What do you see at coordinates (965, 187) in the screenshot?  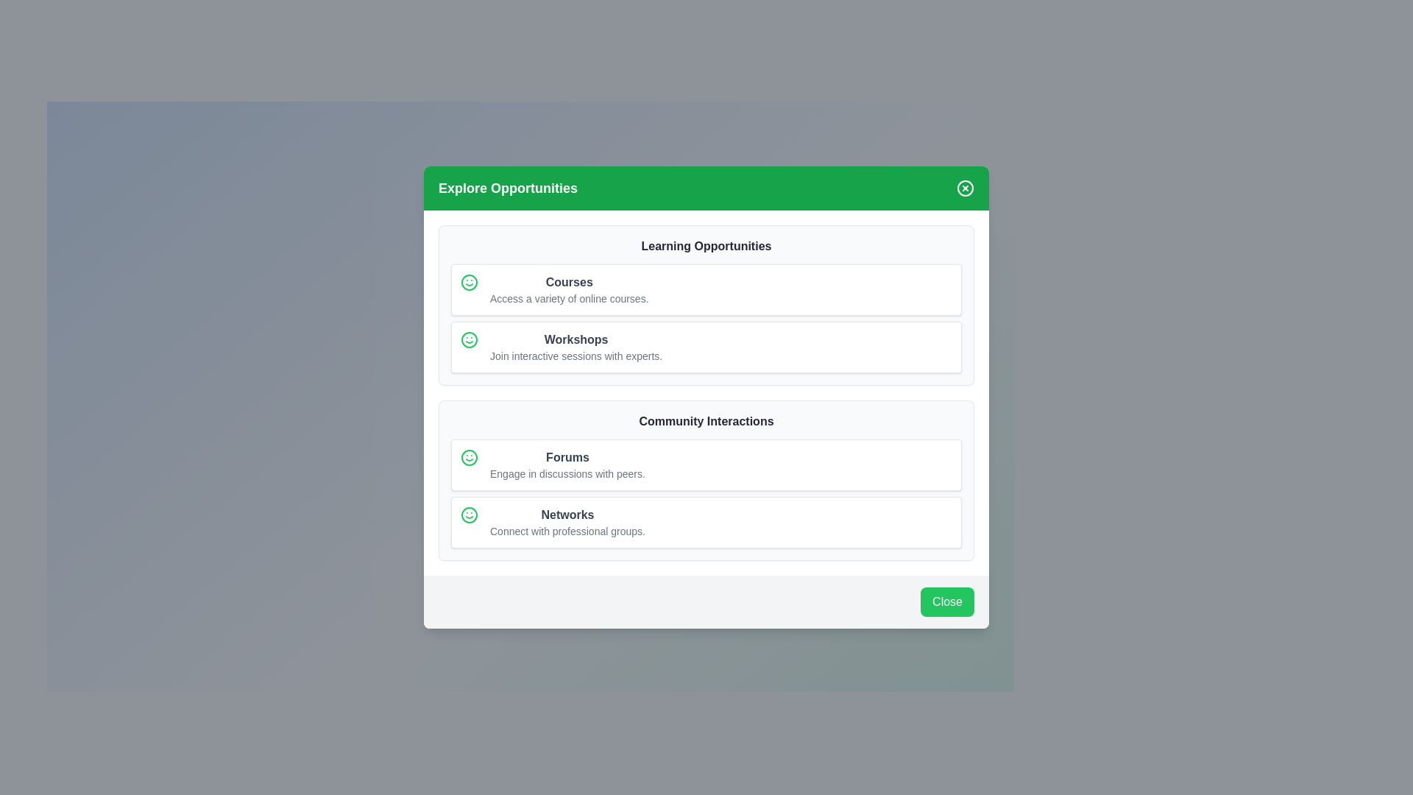 I see `the circular base of the close button located at the top-right corner within the green-colored header strip, adjacent to the 'Explore Opportunities' modal` at bounding box center [965, 187].